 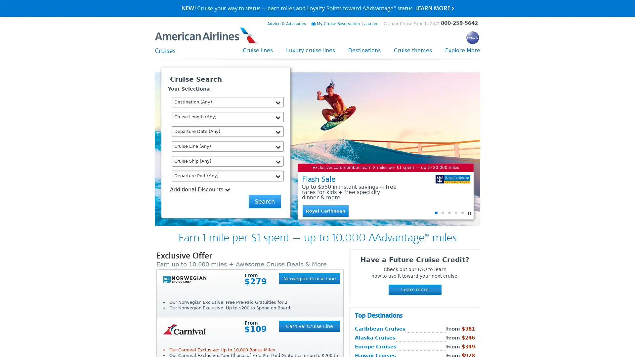 I want to click on Go to slide 4, so click(x=455, y=213).